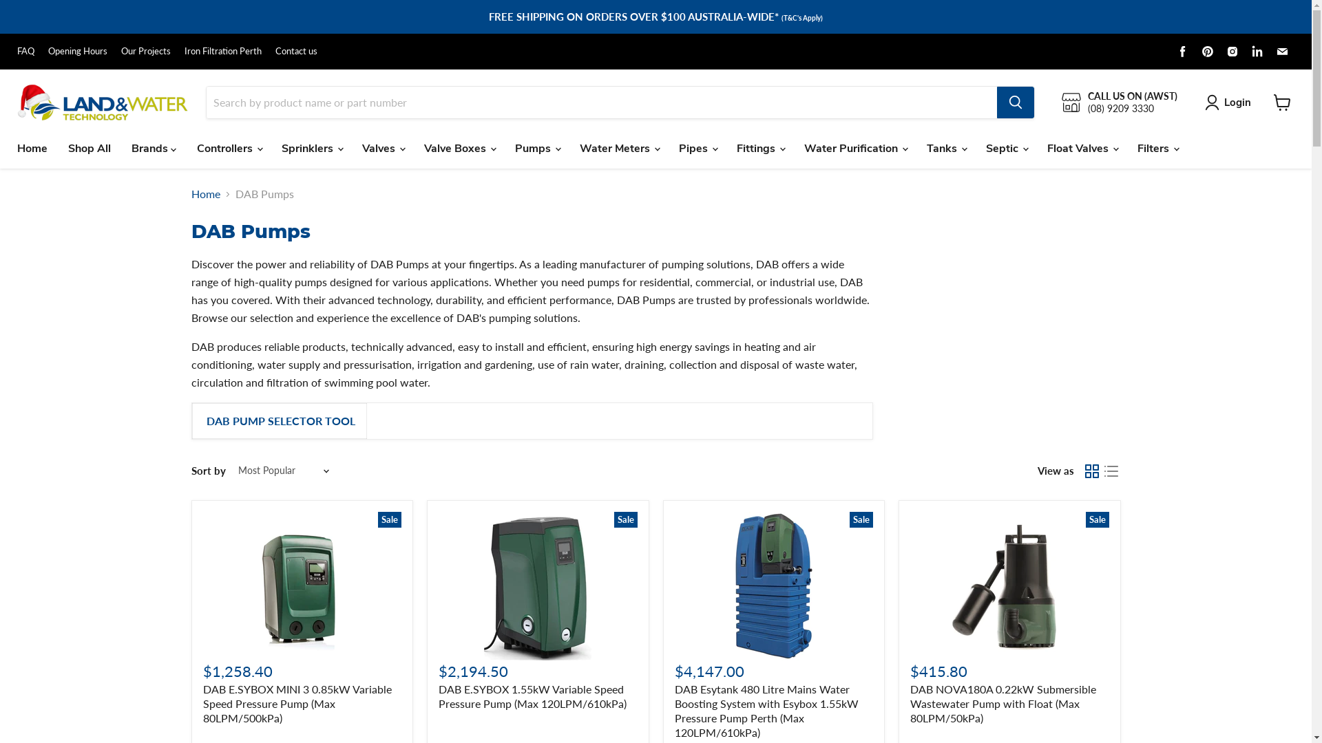  I want to click on 'Find us on LinkedIn', so click(1257, 50).